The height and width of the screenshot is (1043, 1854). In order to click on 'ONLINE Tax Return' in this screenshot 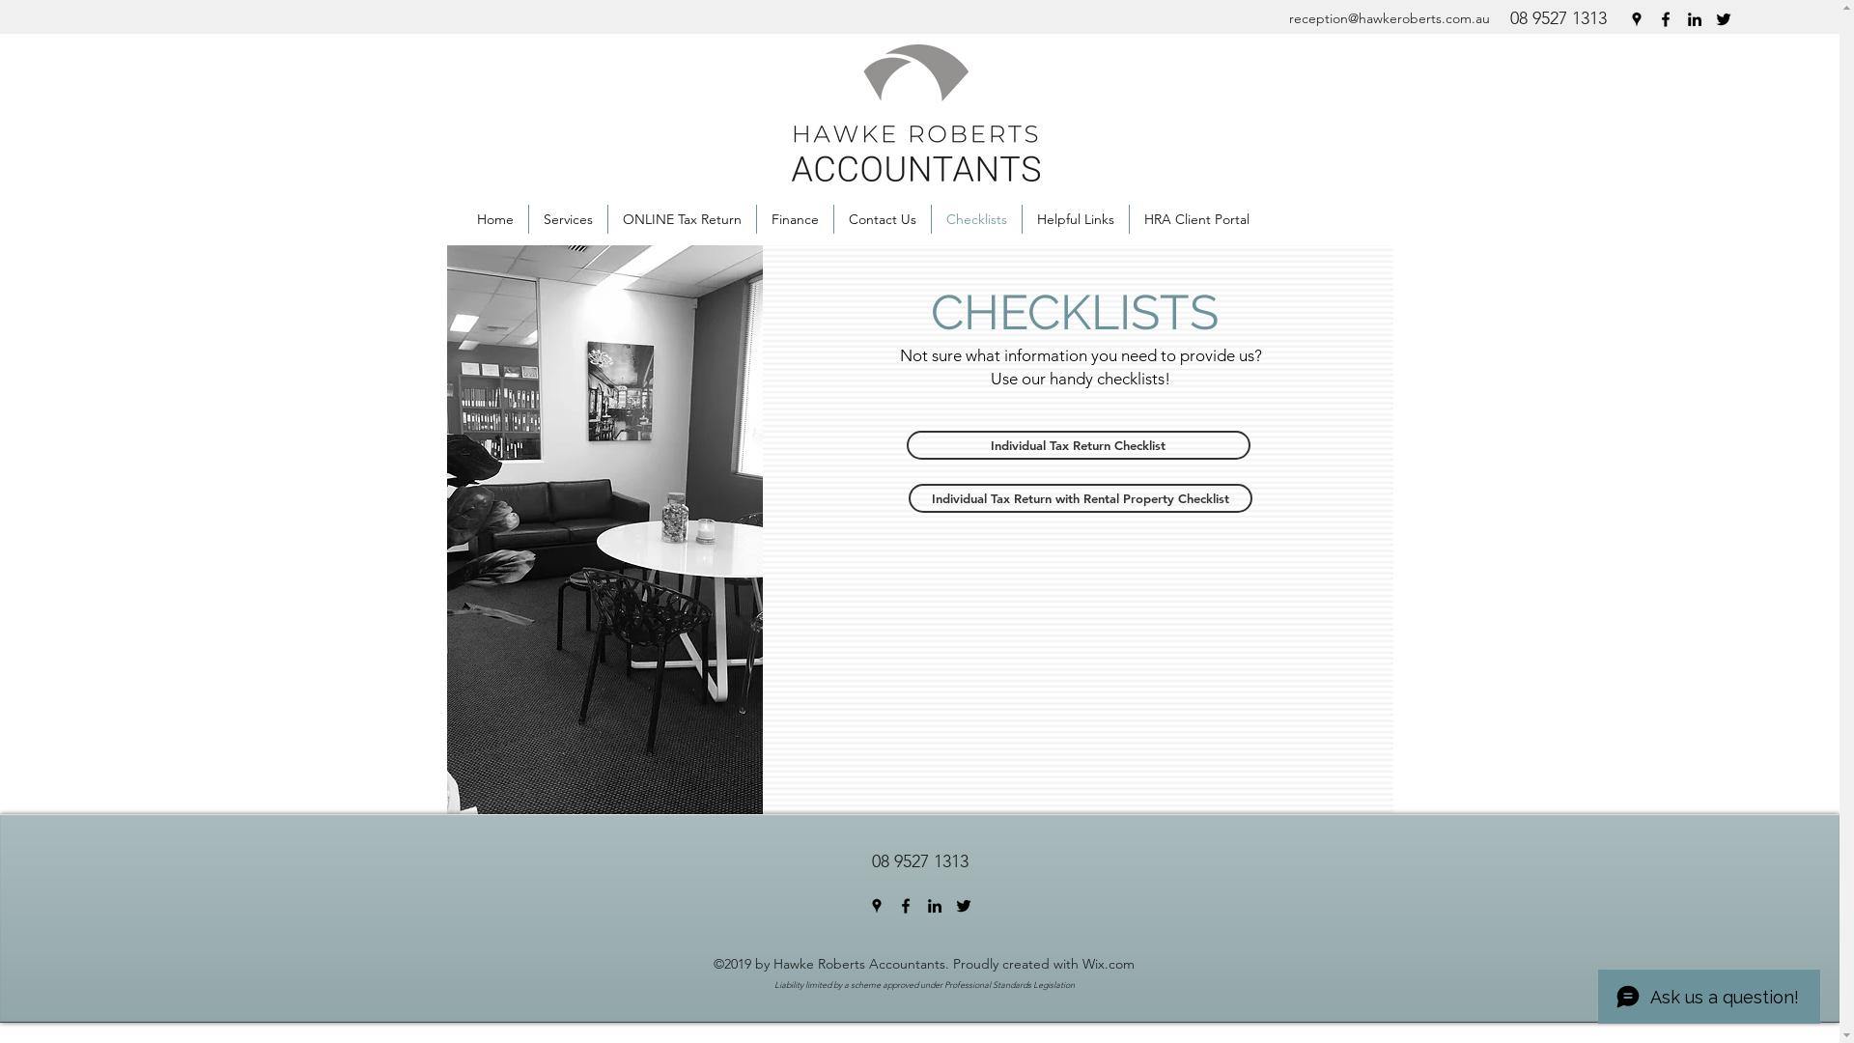, I will do `click(682, 218)`.